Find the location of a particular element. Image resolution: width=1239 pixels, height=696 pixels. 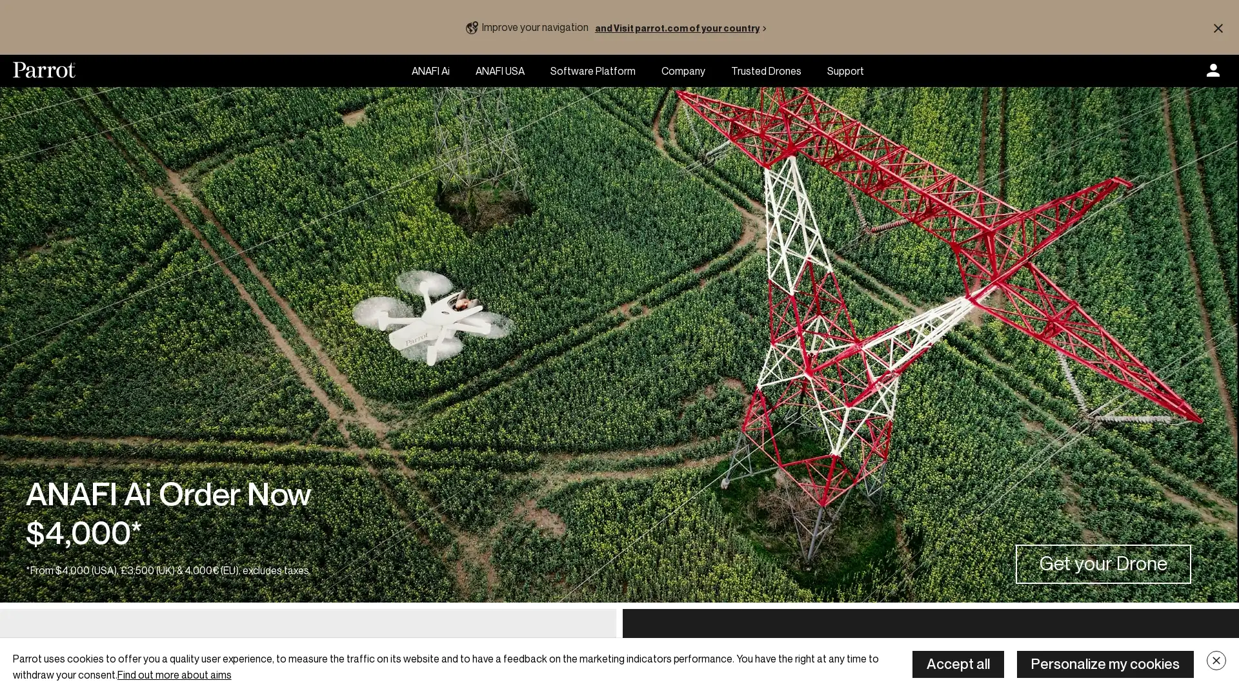

Personalize my cookies is located at coordinates (1105, 664).